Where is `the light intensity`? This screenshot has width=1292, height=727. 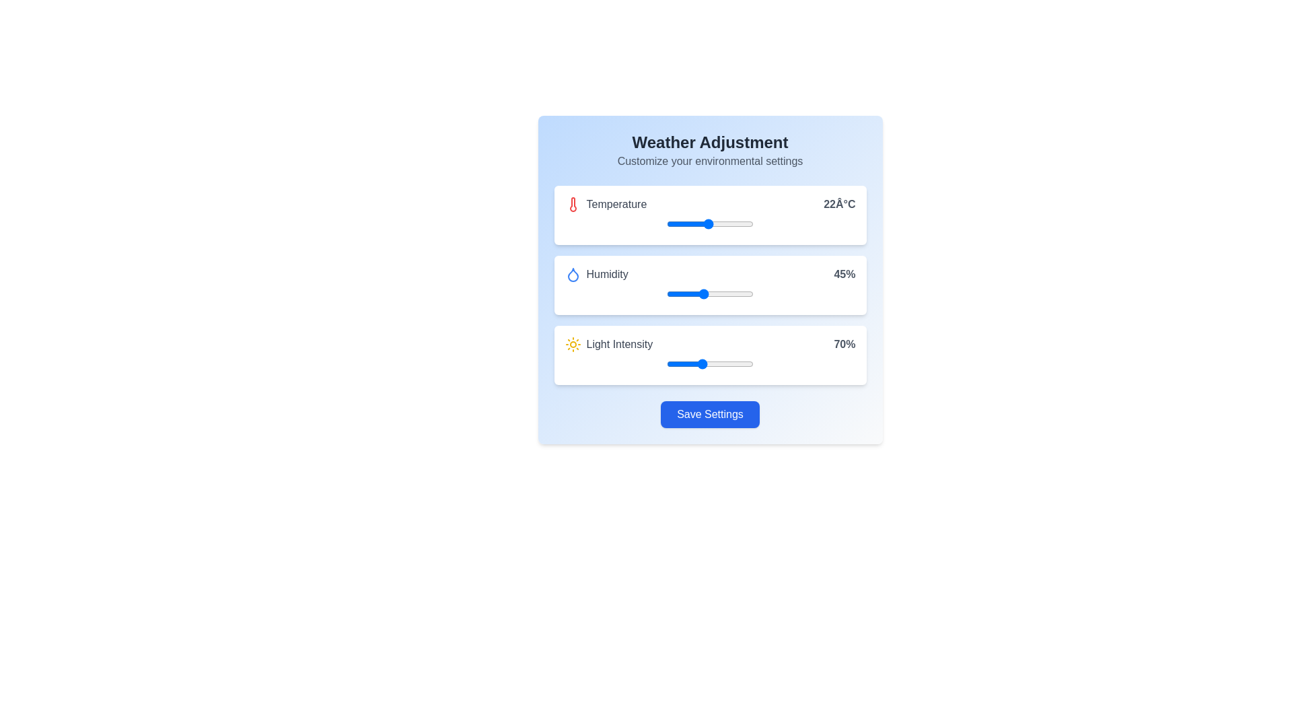
the light intensity is located at coordinates (704, 363).